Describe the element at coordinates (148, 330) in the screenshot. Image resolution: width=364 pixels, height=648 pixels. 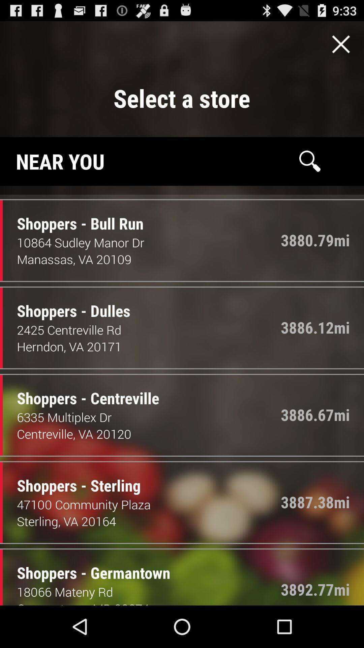
I see `icon above the herndon, va 20171` at that location.